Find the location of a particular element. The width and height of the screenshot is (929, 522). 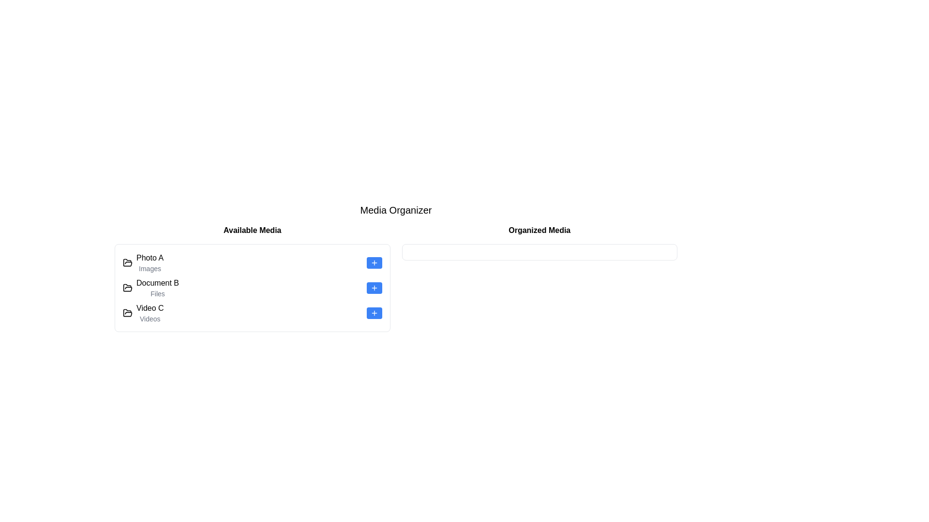

the text label 'Photo A' which is in bold and located in the 'Available Media' section, next to the folder icon is located at coordinates (150, 262).